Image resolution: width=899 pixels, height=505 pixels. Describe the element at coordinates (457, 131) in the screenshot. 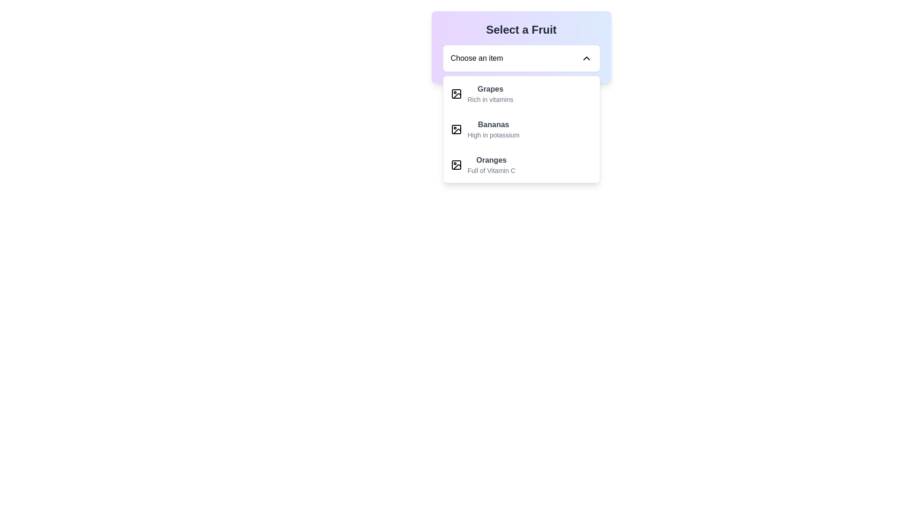

I see `the graphical icon featuring a line drawing of a slanted image frame with a mountain and sun symbol` at that location.